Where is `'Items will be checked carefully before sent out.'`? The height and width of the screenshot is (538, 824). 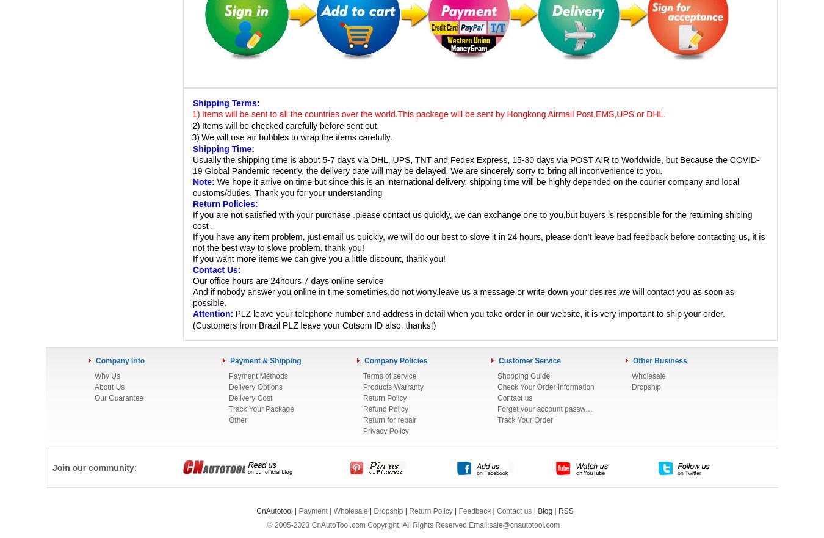
'Items will be checked carefully before sent out.' is located at coordinates (290, 125).